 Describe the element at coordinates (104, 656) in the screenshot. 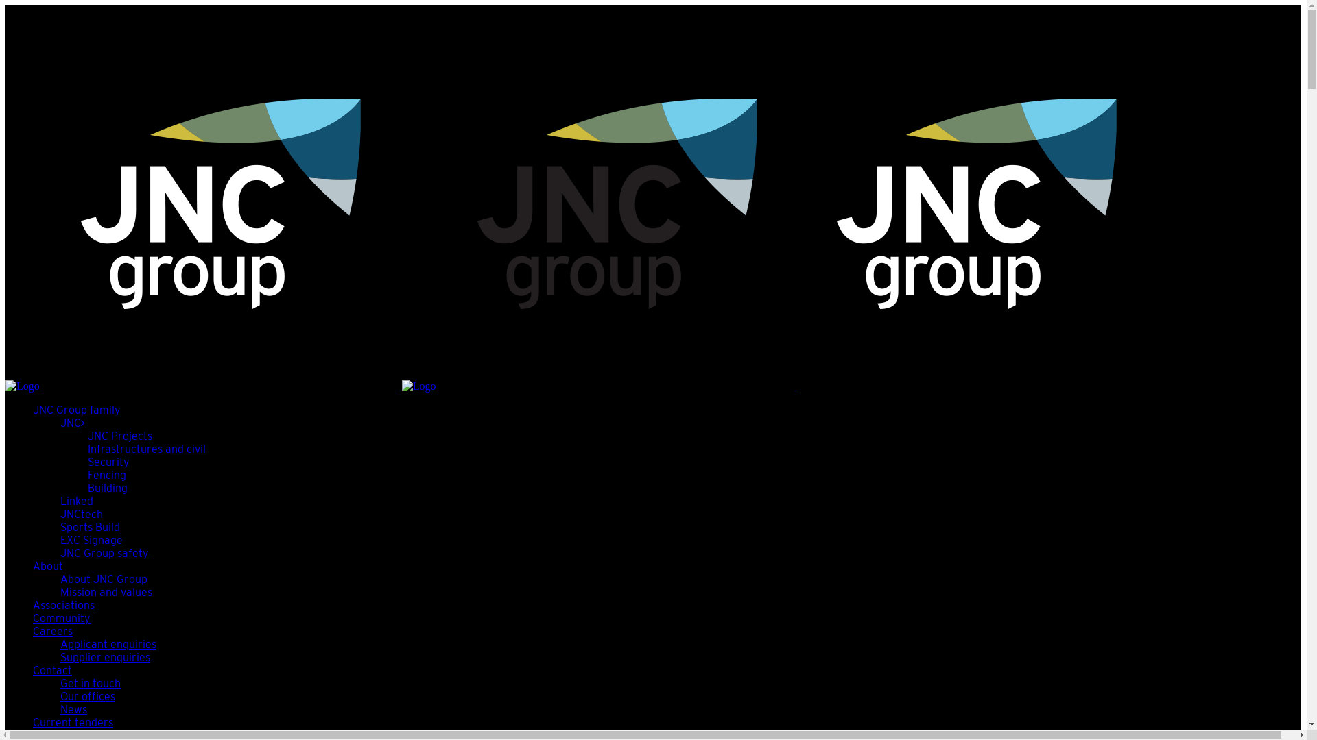

I see `'Supplier enquiries'` at that location.